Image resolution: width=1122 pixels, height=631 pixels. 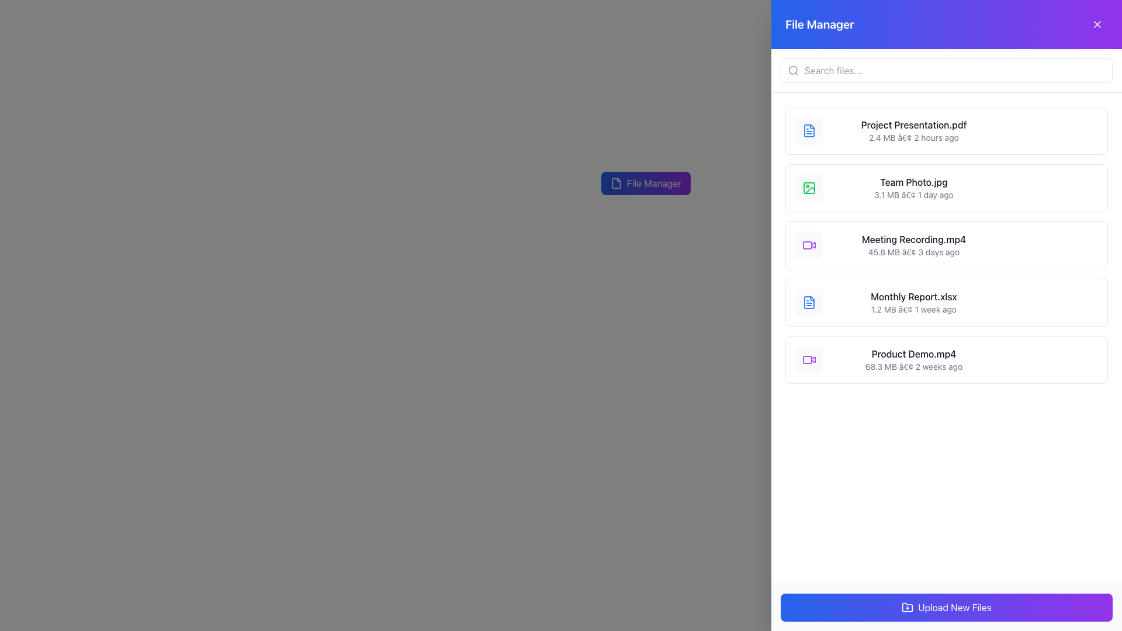 I want to click on the first circular 'Share' button, which has a bordered outline and a symbol of three connected nodes, located, so click(x=1014, y=301).